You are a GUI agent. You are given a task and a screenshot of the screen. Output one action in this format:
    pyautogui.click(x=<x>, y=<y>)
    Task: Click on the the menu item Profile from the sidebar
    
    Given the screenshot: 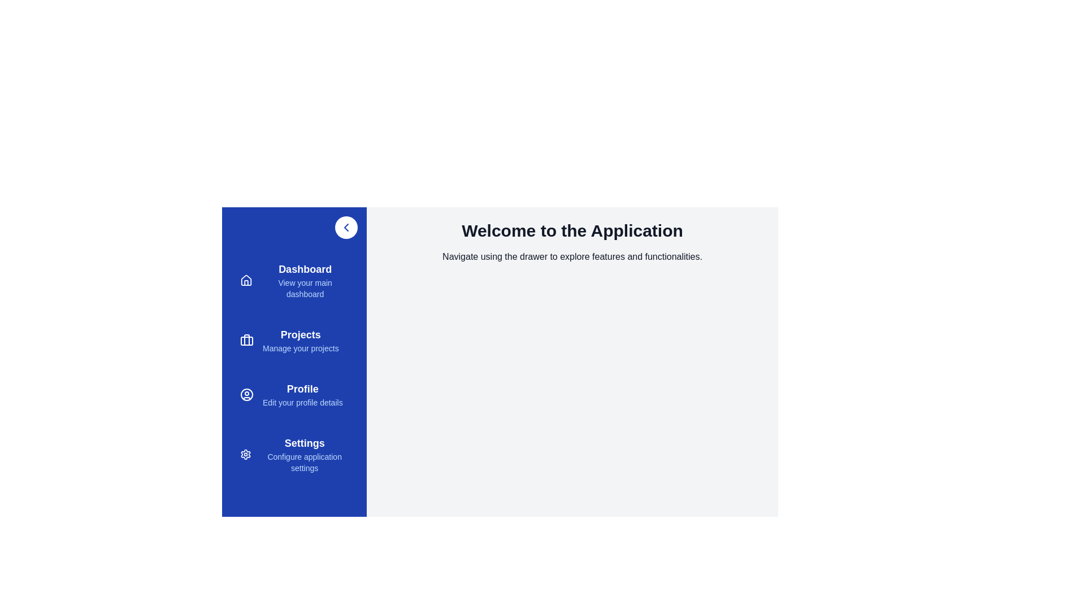 What is the action you would take?
    pyautogui.click(x=294, y=394)
    